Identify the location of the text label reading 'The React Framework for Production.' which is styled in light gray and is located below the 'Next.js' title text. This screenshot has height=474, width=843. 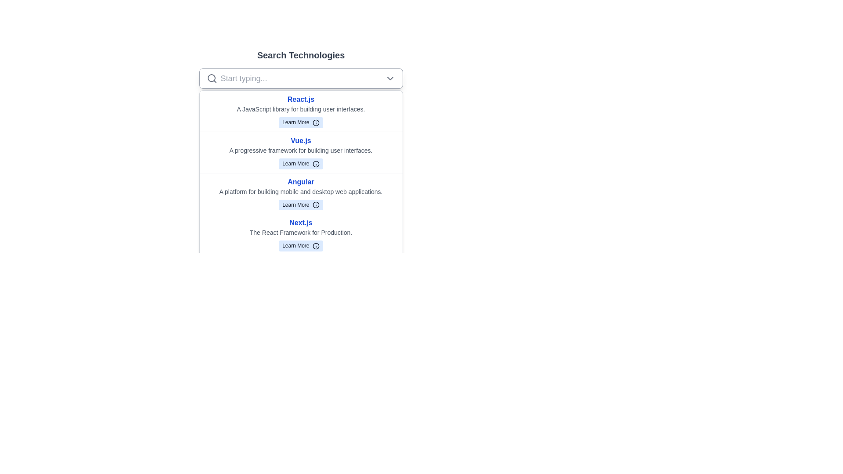
(301, 232).